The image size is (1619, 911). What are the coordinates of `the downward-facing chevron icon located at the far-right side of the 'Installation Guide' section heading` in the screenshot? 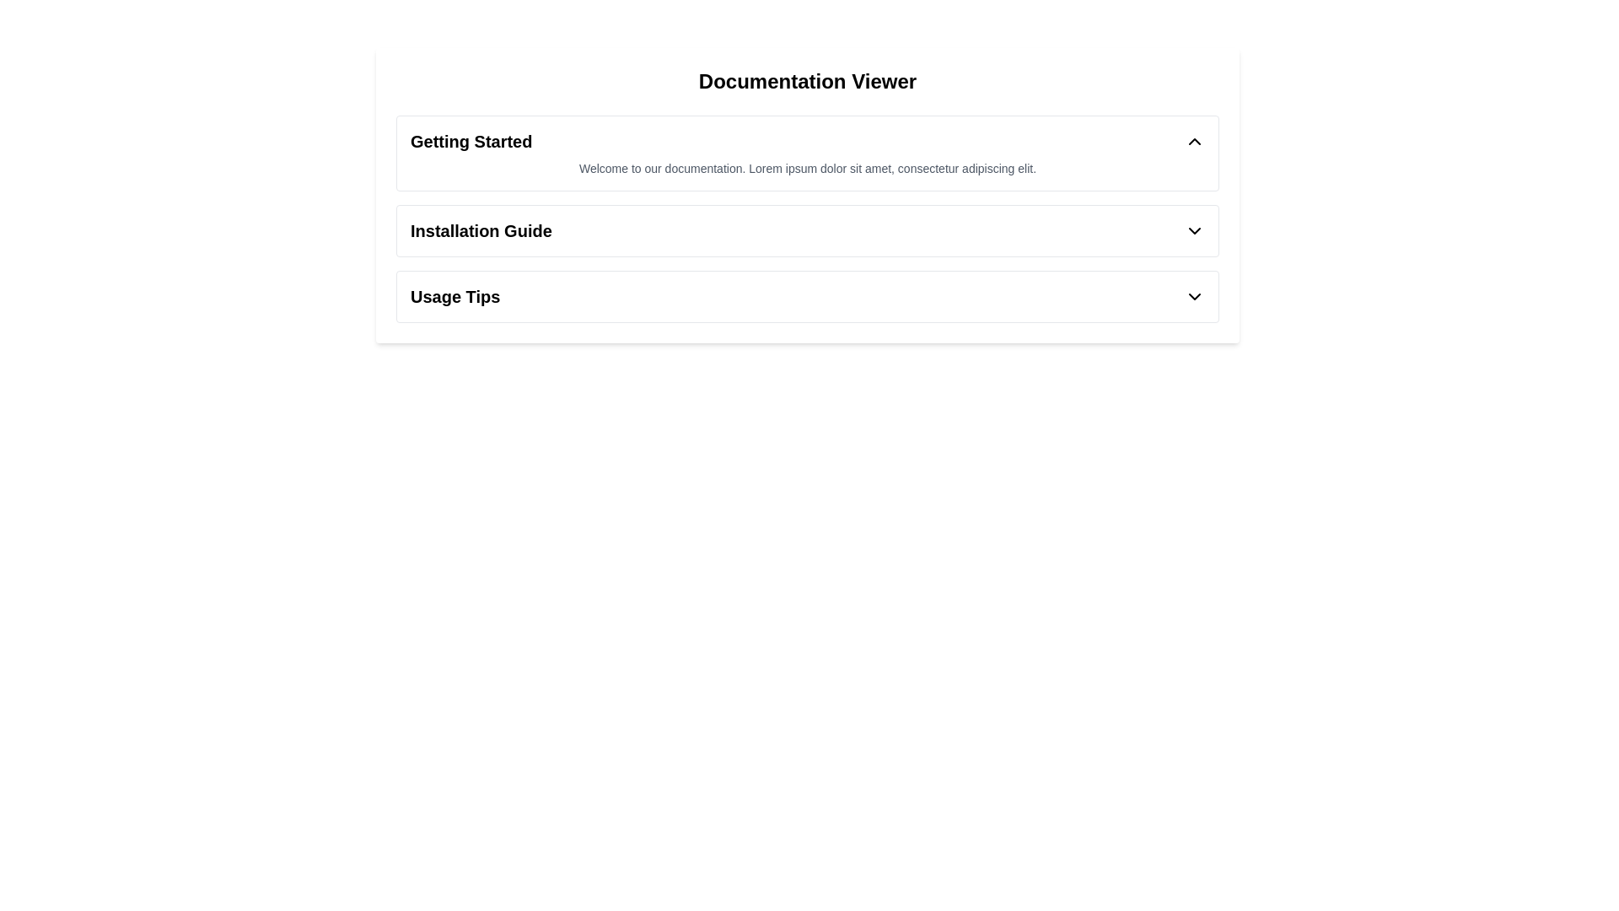 It's located at (1193, 230).